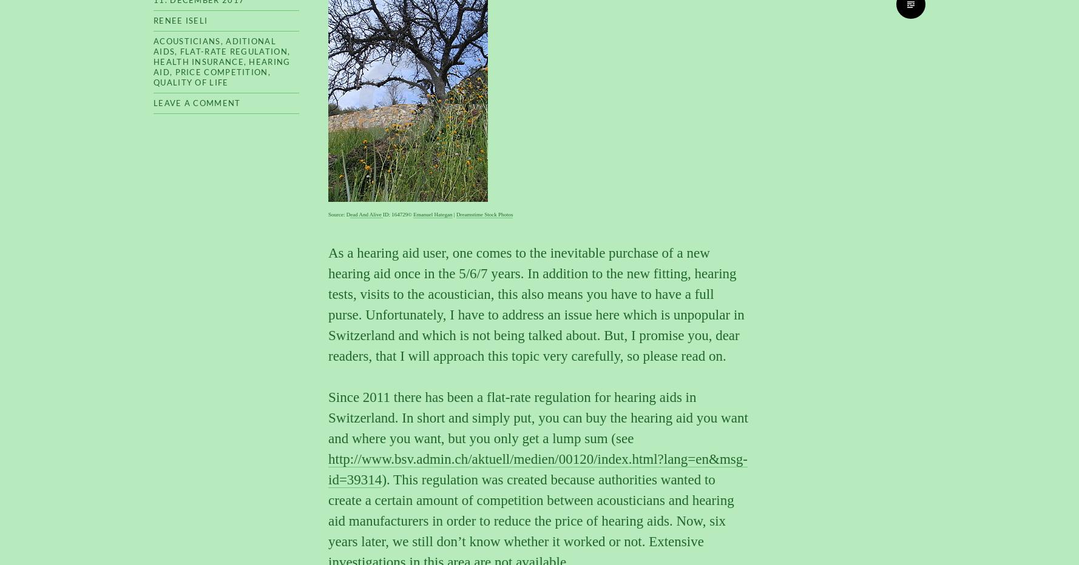 This screenshot has height=565, width=1079. I want to click on 'hearing aid', so click(221, 66).